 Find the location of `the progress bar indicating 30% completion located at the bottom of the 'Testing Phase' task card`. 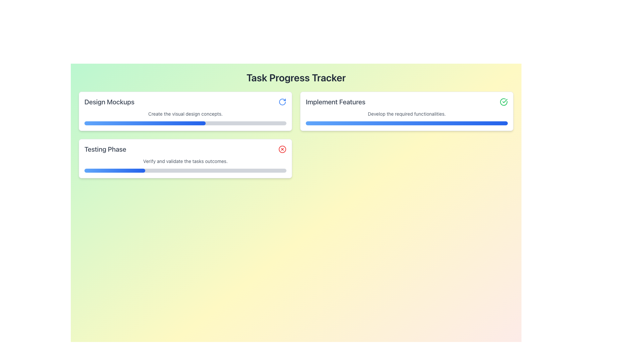

the progress bar indicating 30% completion located at the bottom of the 'Testing Phase' task card is located at coordinates (115, 170).